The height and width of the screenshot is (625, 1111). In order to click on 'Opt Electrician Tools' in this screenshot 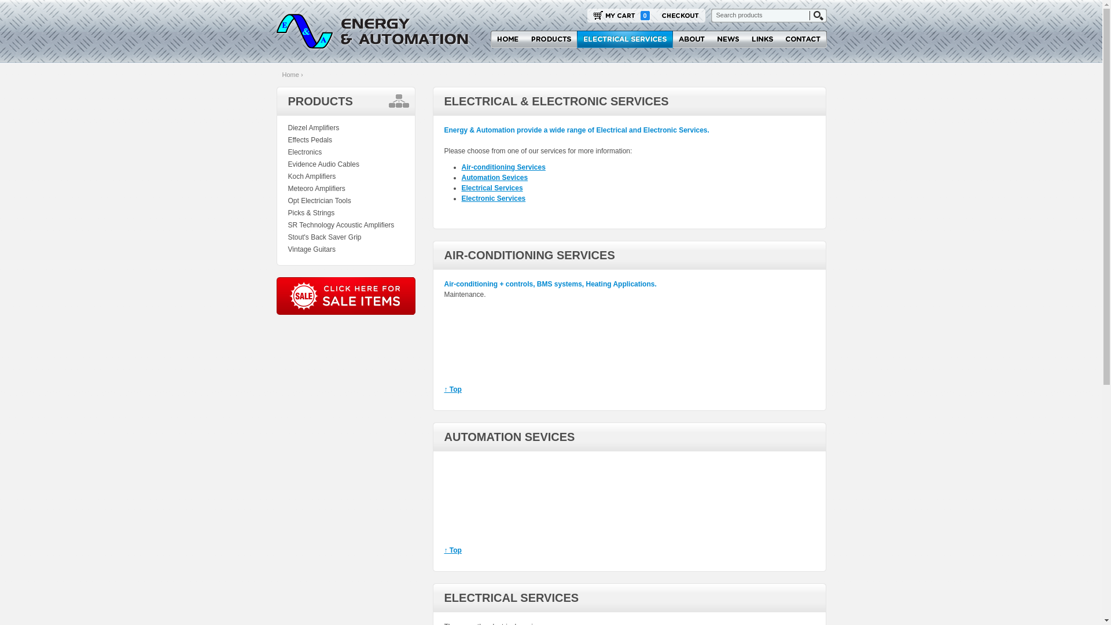, I will do `click(319, 200)`.